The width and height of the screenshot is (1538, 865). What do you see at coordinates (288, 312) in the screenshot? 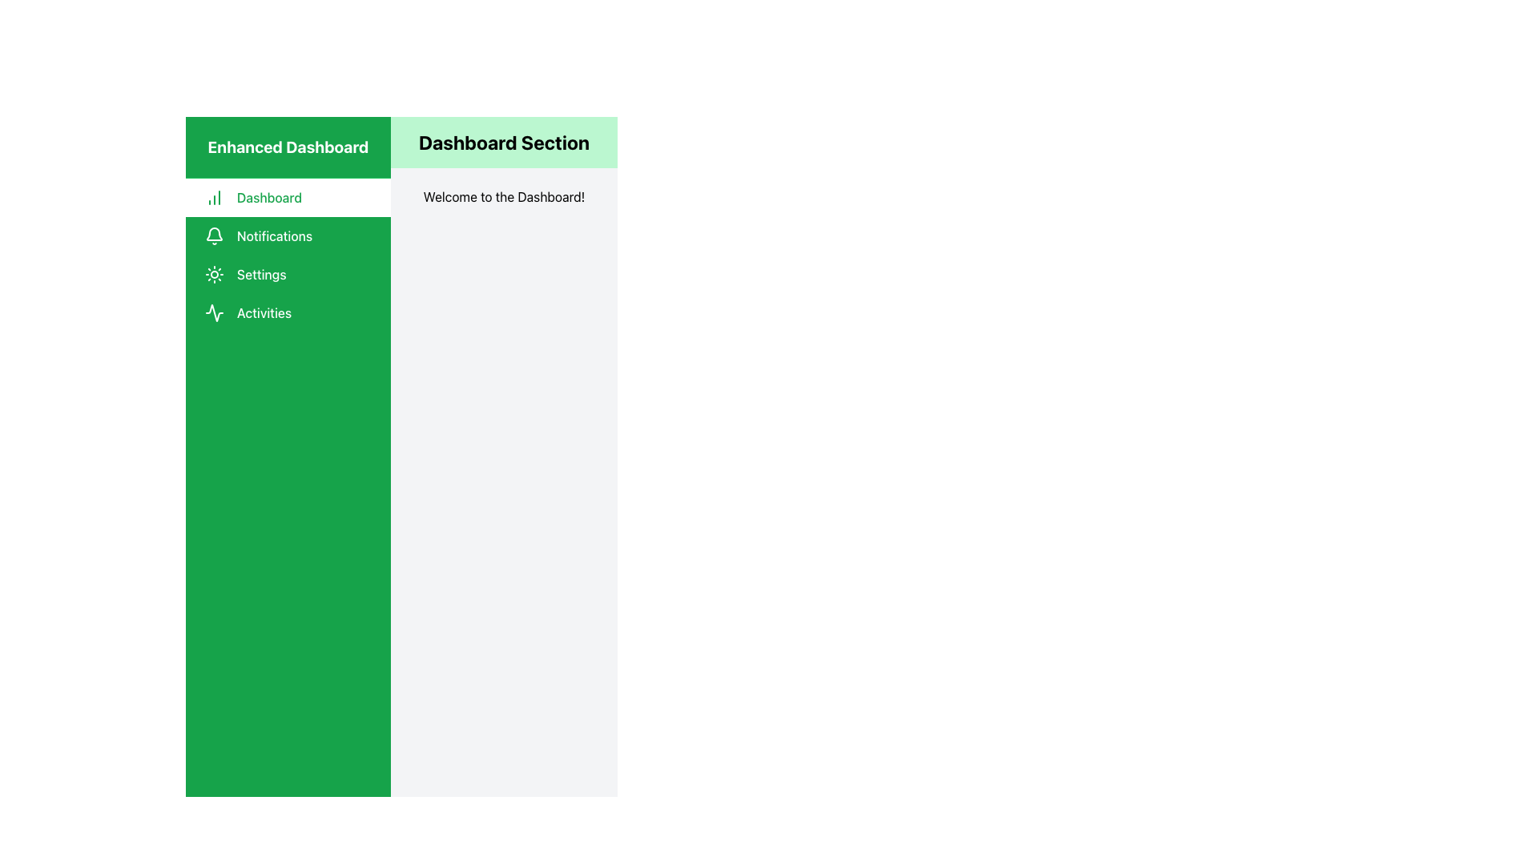
I see `the 'Activities' navigation menu item, which is the fourth item in the vertical menu list with a green background, white text, and an activity graph icon` at bounding box center [288, 312].